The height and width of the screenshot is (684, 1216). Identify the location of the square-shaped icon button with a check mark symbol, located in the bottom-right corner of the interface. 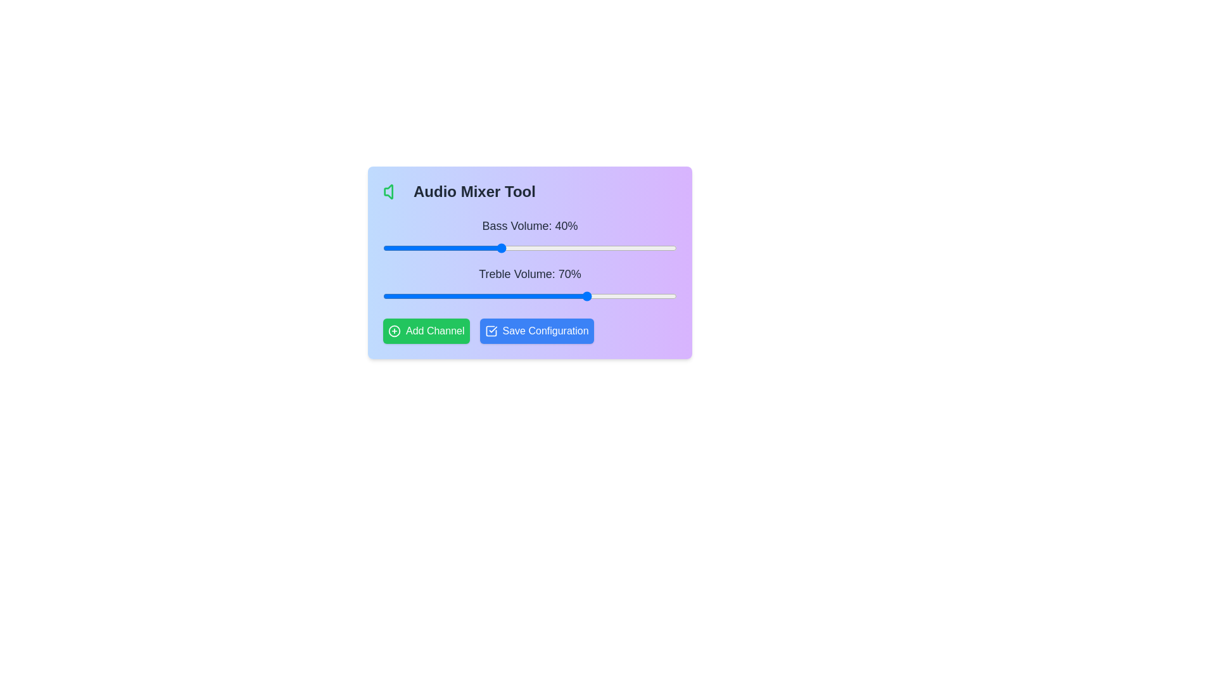
(490, 331).